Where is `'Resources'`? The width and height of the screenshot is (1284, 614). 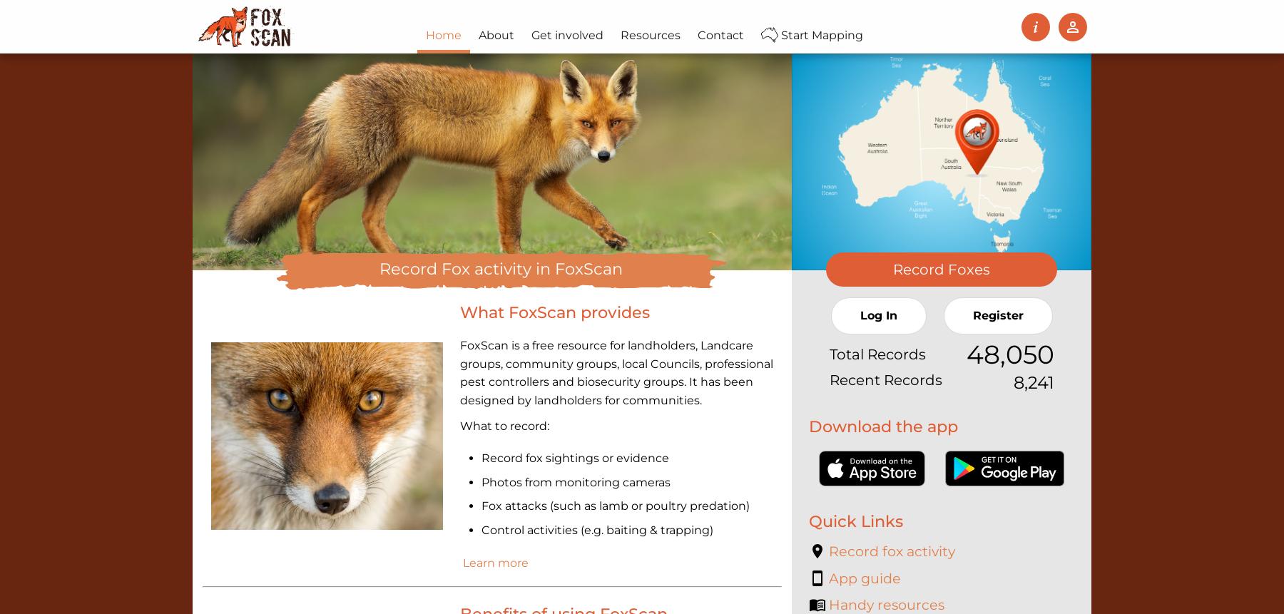 'Resources' is located at coordinates (620, 35).